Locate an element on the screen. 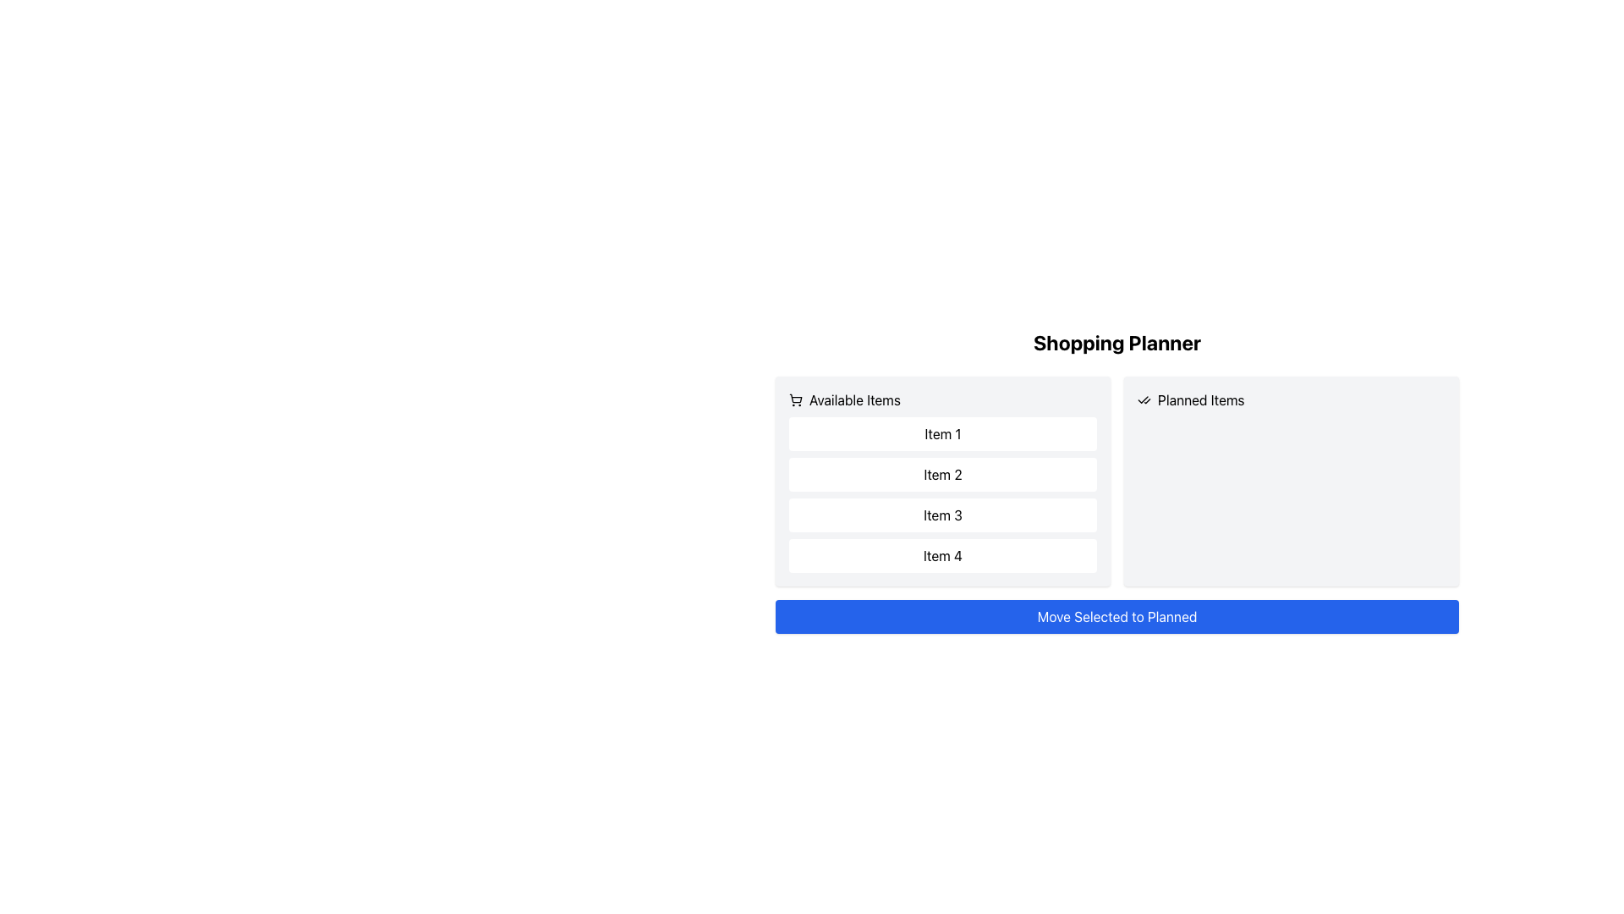 This screenshot has height=914, width=1624. the 'Item 3' button, which is a rectangular button with a white background and rounded corners, located in the left section of the 'Available Items' list is located at coordinates (941, 515).